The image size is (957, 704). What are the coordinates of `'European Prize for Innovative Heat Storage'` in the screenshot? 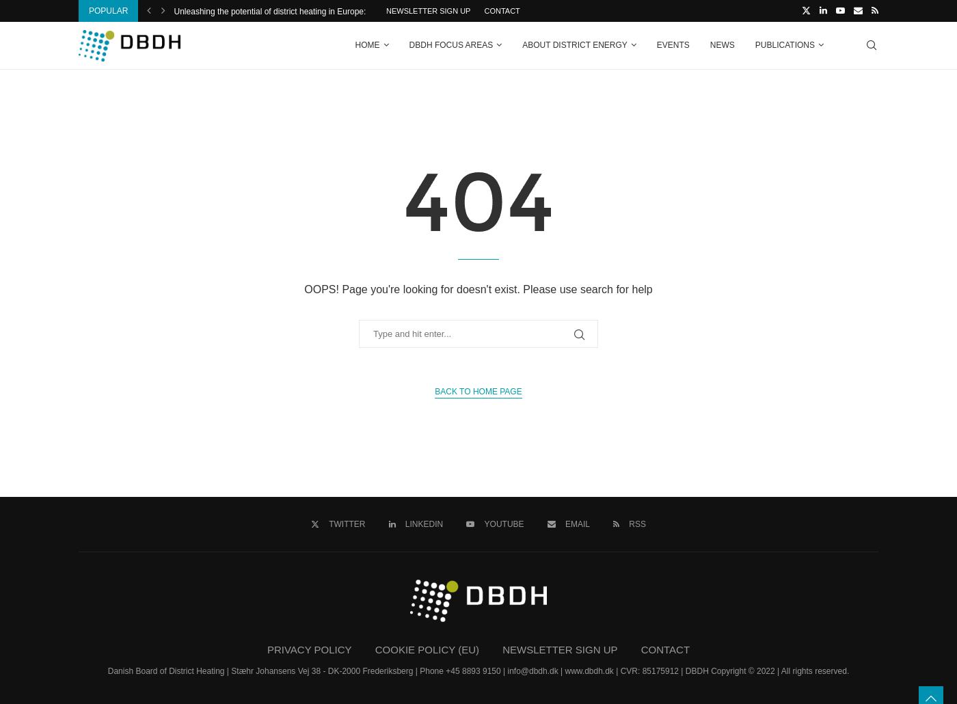 It's located at (540, 11).